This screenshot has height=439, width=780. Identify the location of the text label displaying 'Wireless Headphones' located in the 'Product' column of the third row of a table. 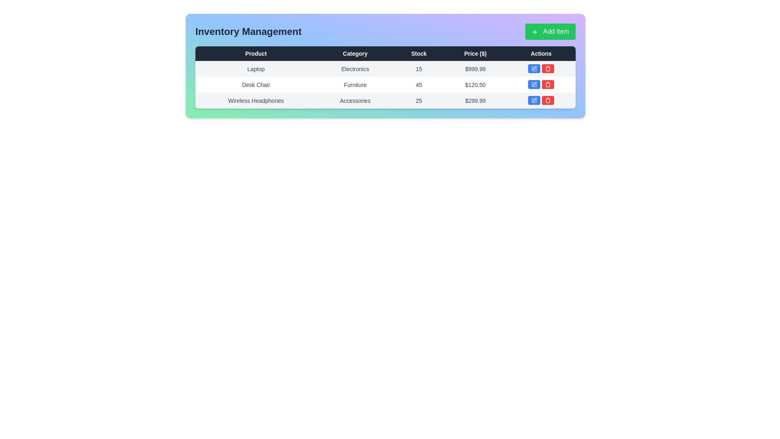
(256, 100).